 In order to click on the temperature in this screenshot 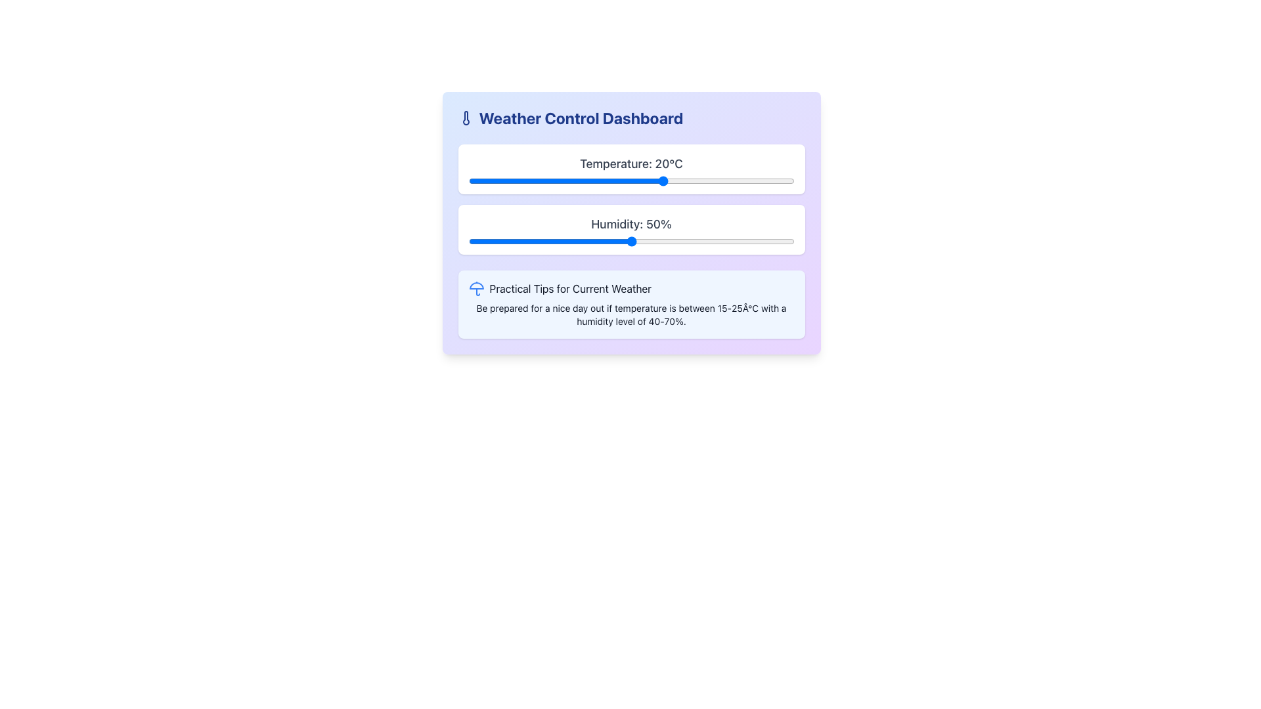, I will do `click(506, 181)`.